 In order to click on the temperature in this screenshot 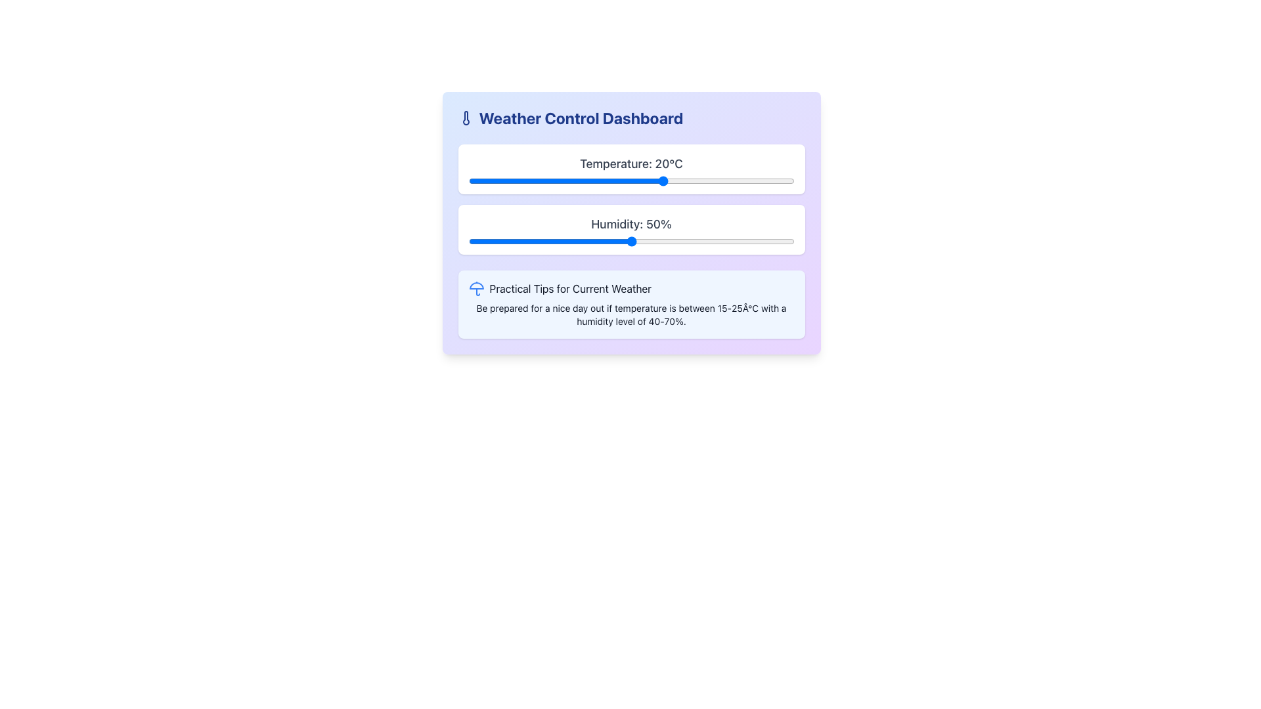, I will do `click(506, 181)`.